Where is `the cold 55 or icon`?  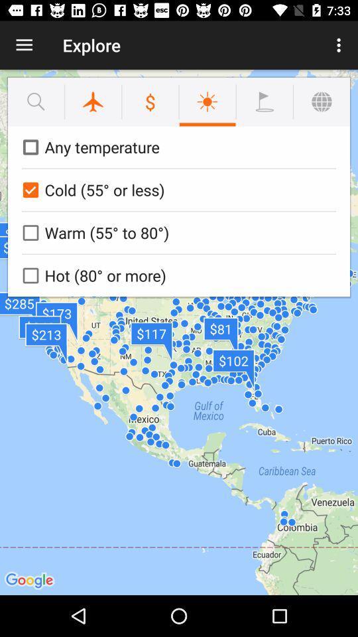
the cold 55 or icon is located at coordinates (176, 189).